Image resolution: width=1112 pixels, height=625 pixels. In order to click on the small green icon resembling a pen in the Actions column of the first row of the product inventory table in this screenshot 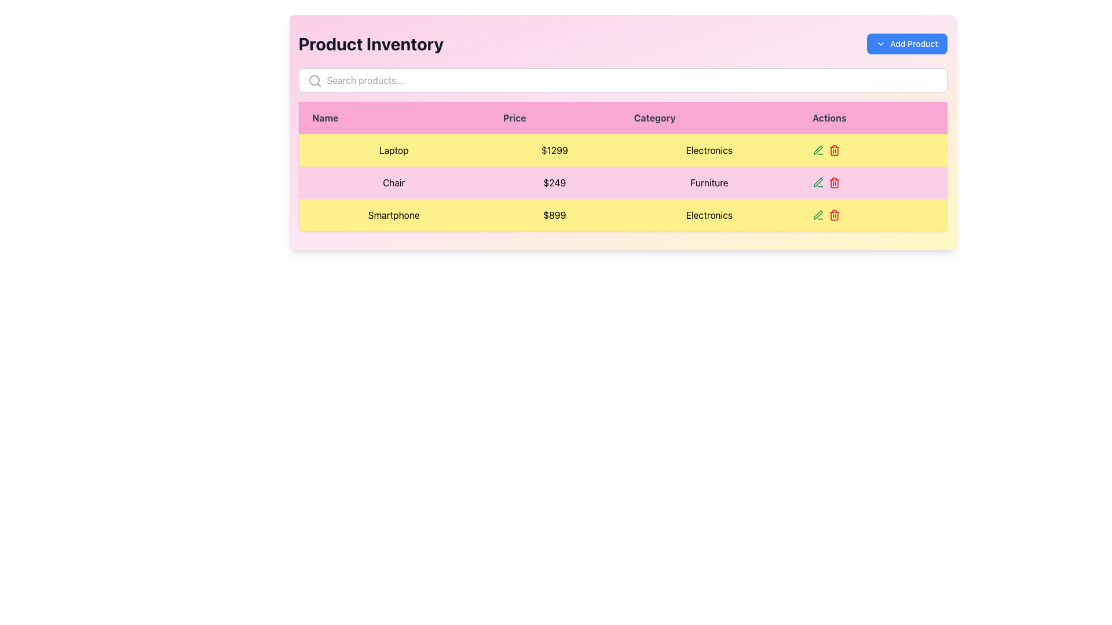, I will do `click(817, 182)`.